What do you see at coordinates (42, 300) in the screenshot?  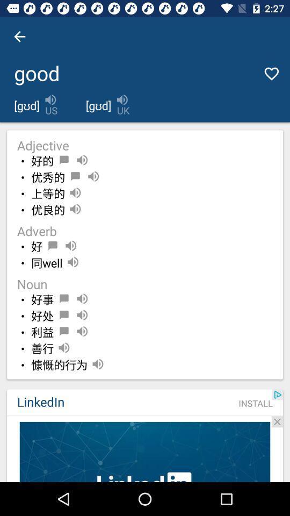 I see `item below noun icon` at bounding box center [42, 300].